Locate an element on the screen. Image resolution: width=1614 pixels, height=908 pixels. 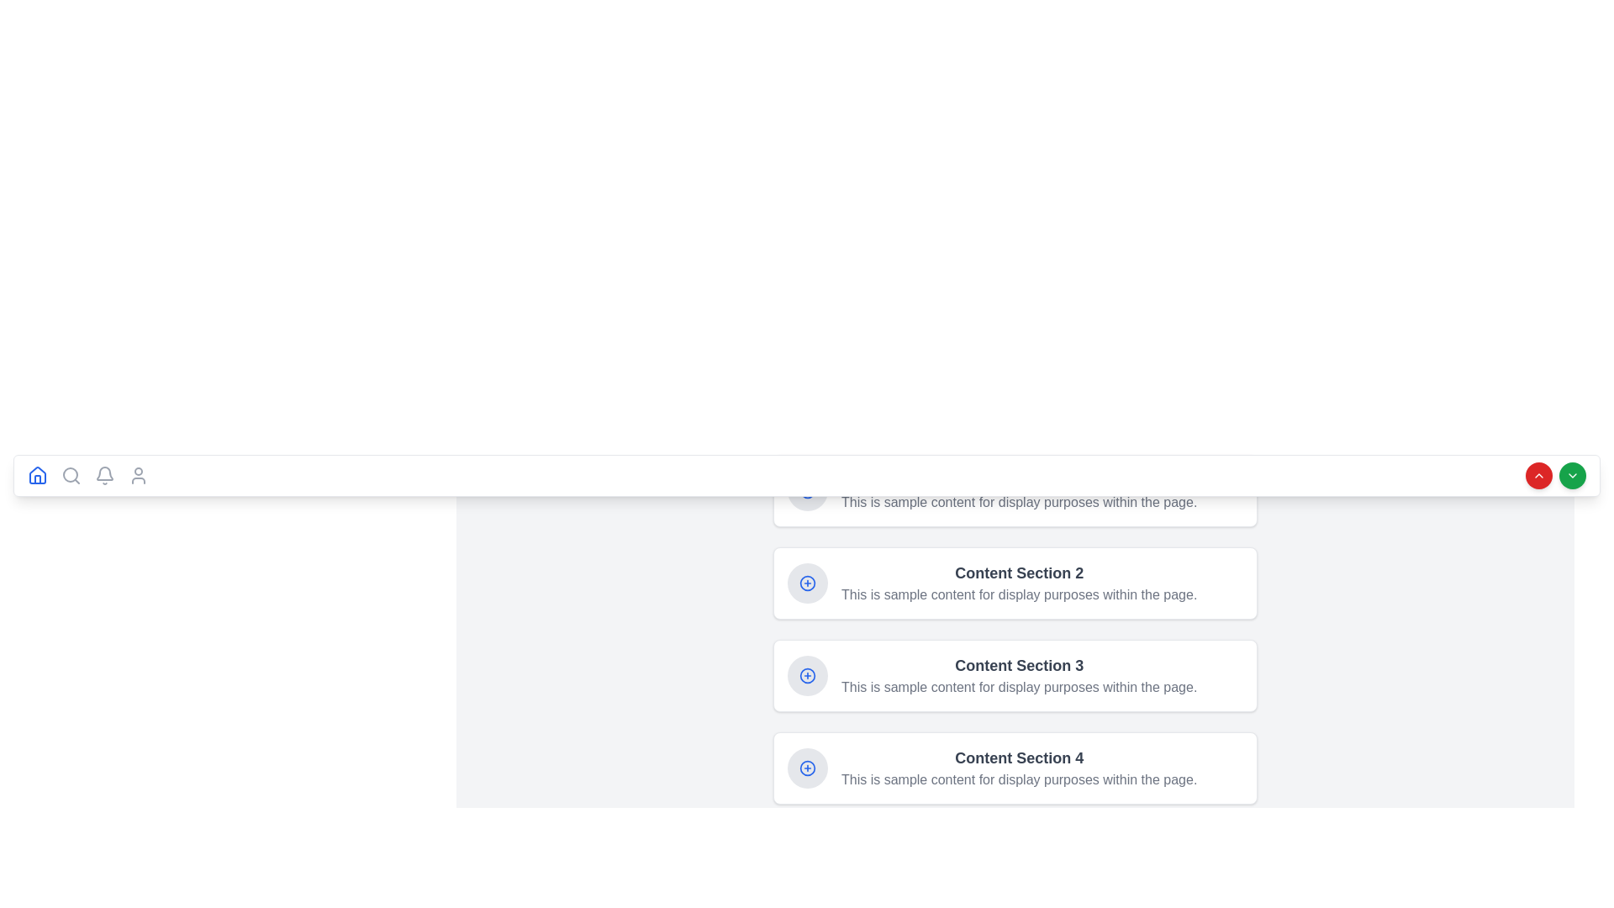
the user profile silhouette icon, which is the fifth button in the horizontal navigation bar is located at coordinates (138, 476).